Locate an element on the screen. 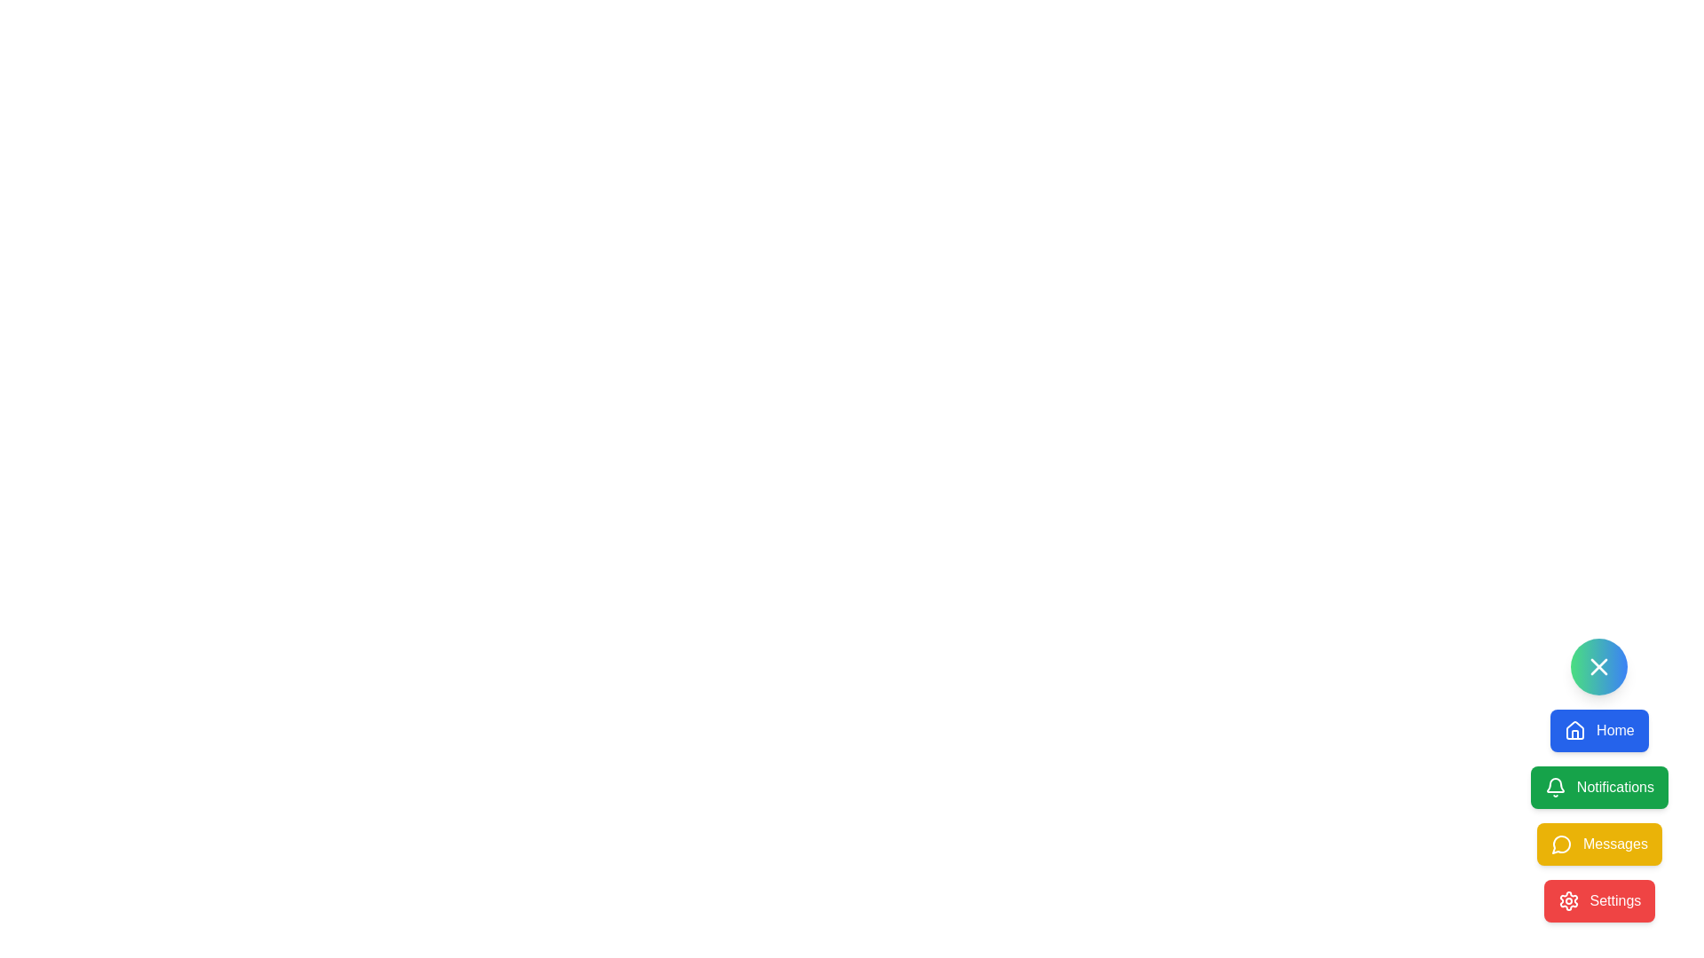 The width and height of the screenshot is (1704, 958). the inner structure of the house-shaped icon in the vertical navigation bar on the right side of the interface is located at coordinates (1575, 734).